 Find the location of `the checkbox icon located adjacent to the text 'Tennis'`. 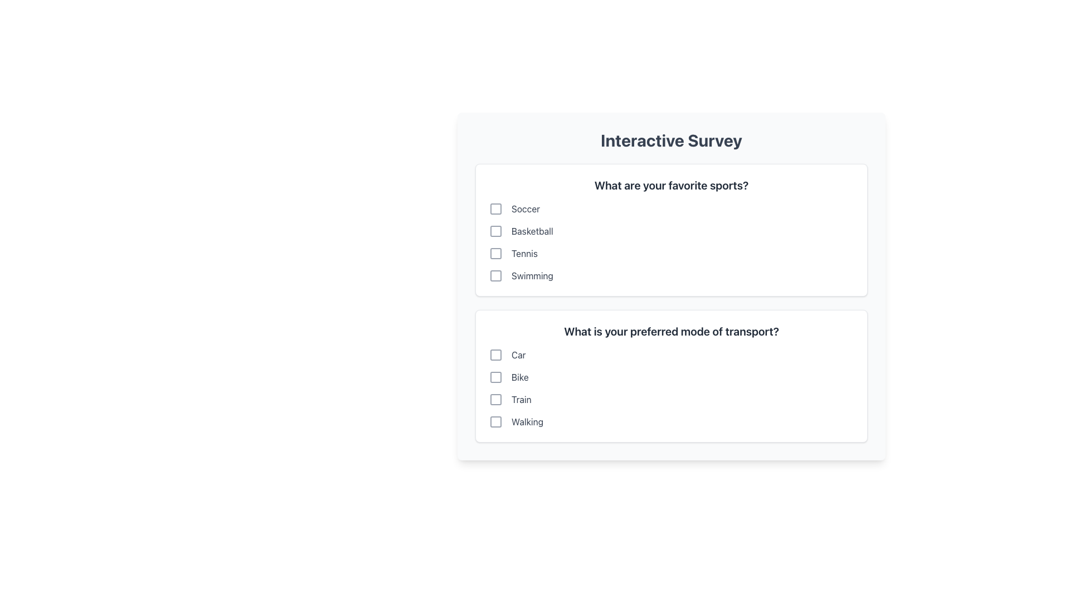

the checkbox icon located adjacent to the text 'Tennis' is located at coordinates (495, 254).